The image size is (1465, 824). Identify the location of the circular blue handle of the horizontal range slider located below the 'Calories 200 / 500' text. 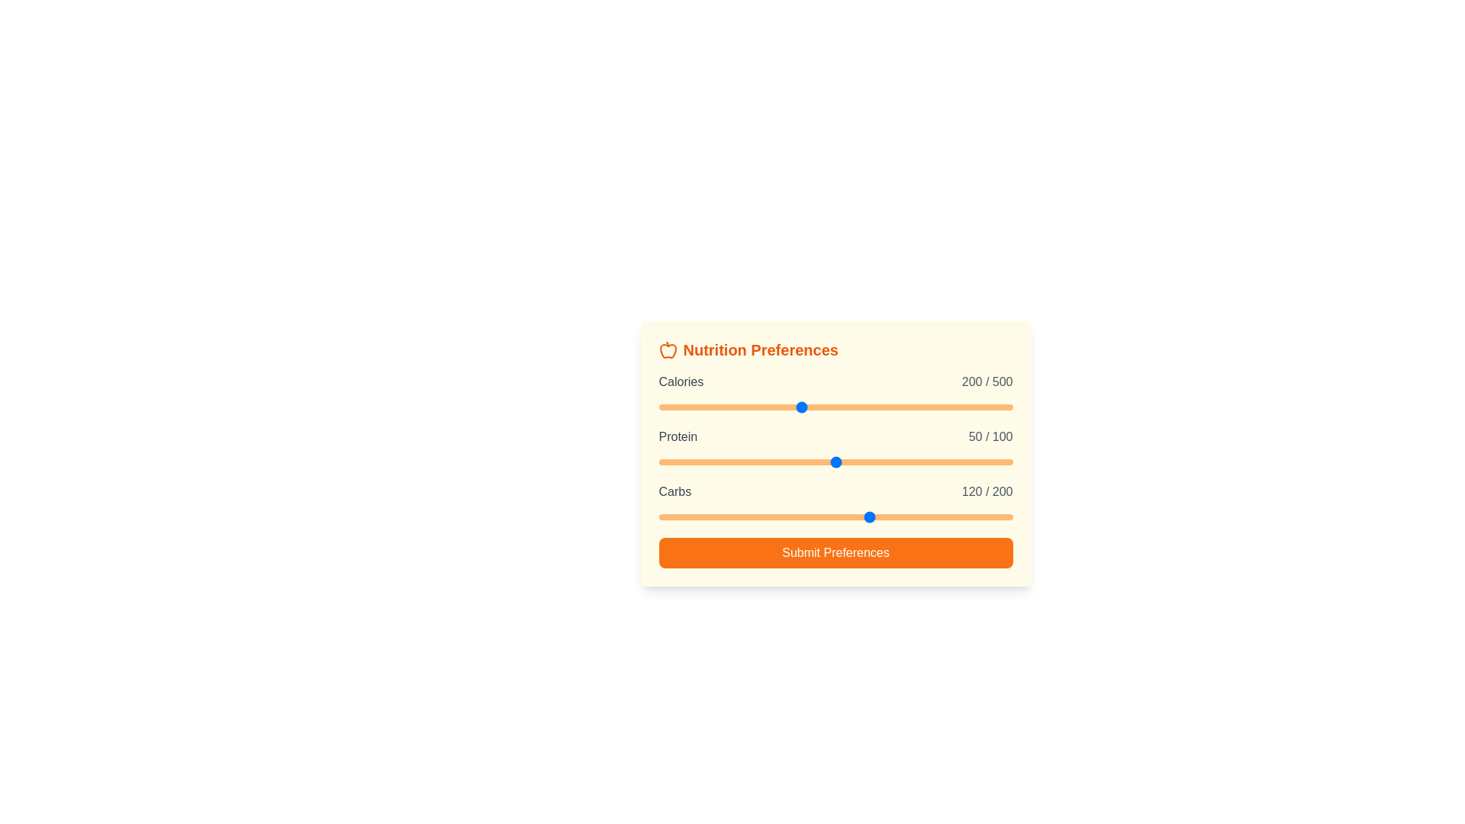
(835, 406).